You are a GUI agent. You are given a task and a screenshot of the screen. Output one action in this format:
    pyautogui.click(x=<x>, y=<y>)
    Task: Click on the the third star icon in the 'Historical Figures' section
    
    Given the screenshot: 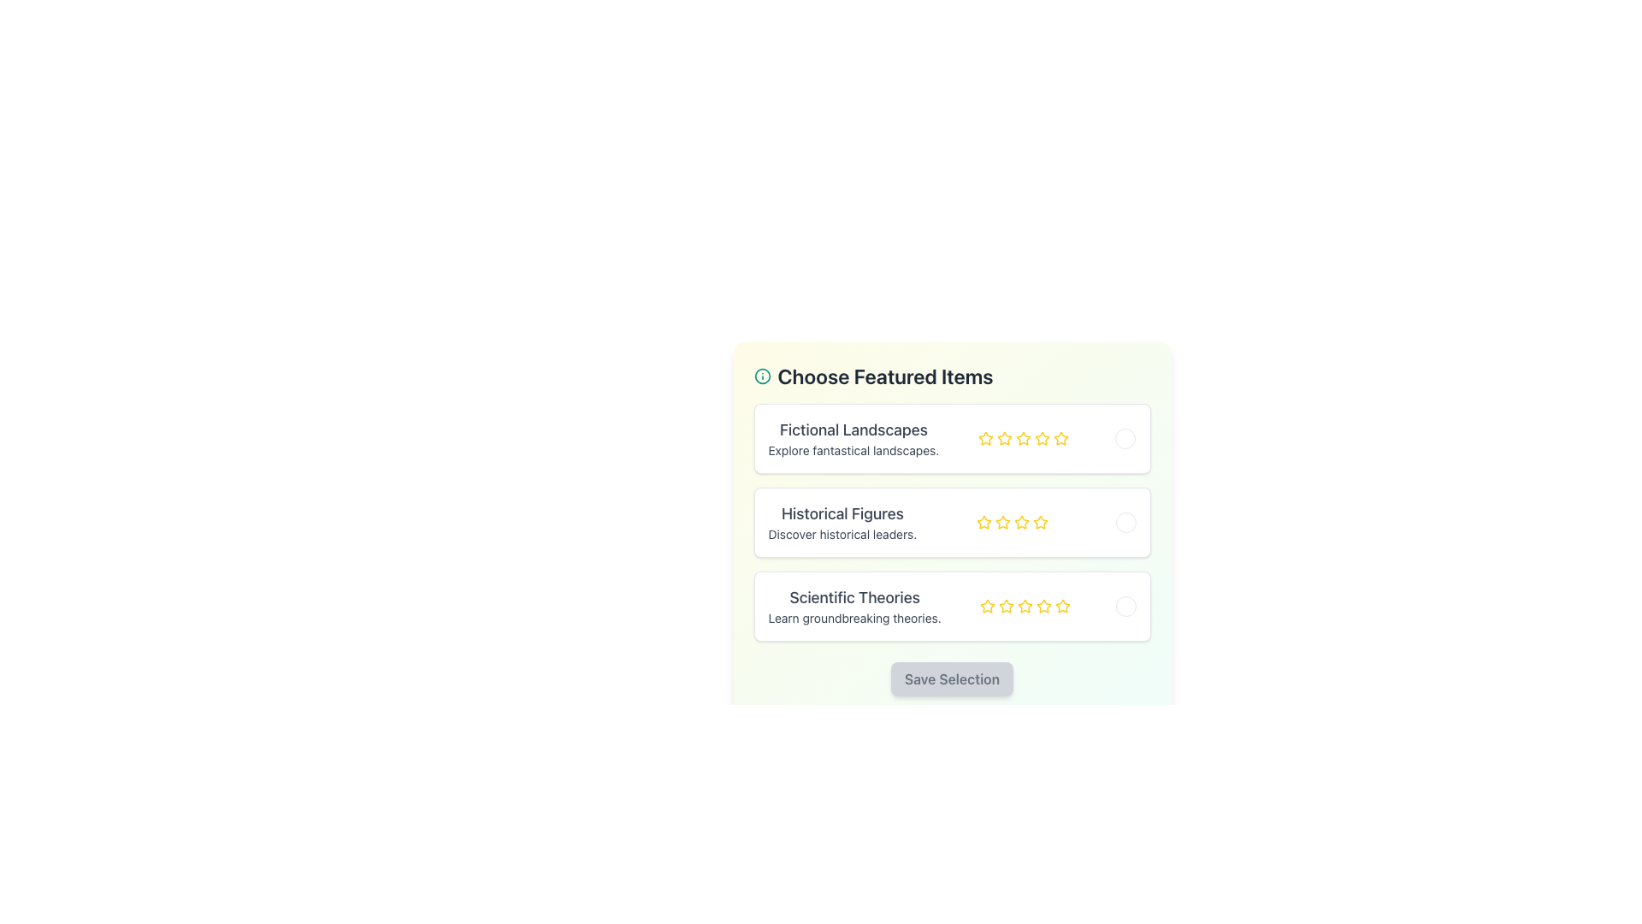 What is the action you would take?
    pyautogui.click(x=1003, y=521)
    